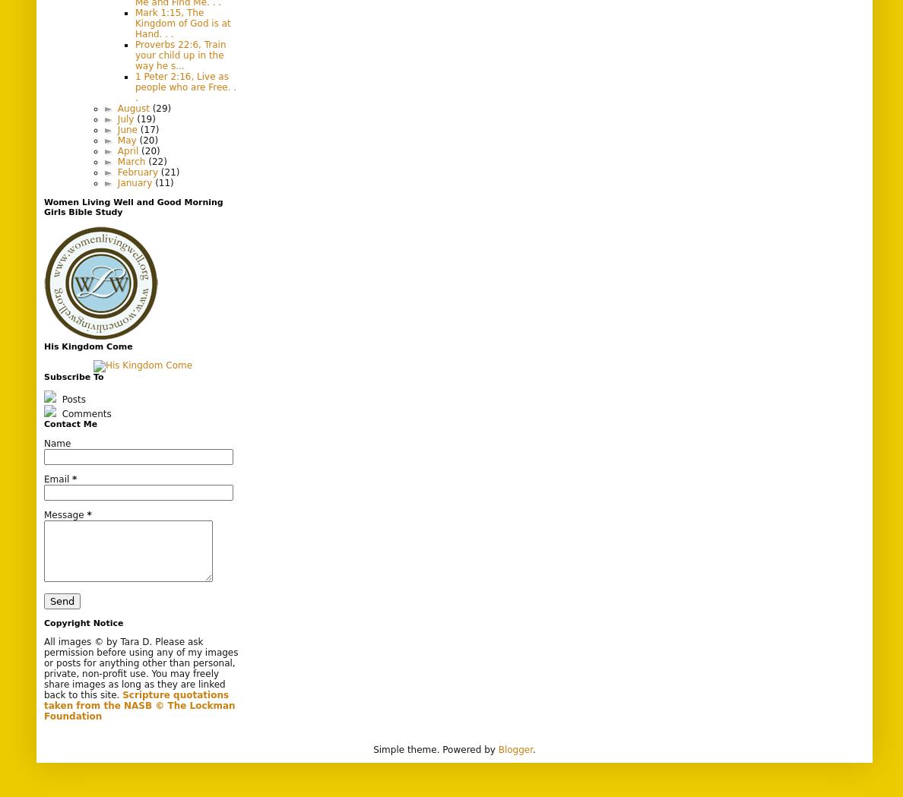 This screenshot has width=903, height=797. What do you see at coordinates (43, 621) in the screenshot?
I see `'Copyright Notice'` at bounding box center [43, 621].